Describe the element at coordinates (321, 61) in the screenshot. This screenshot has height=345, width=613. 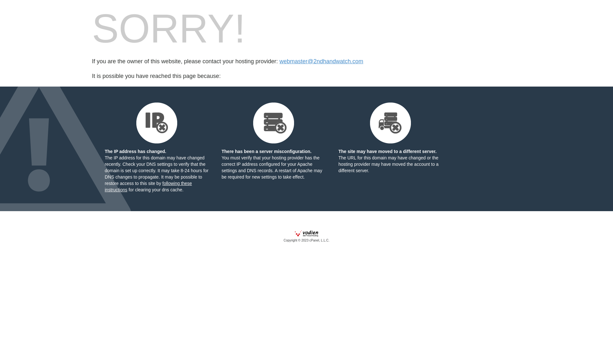
I see `'webmaster@2ndhandwatch.com'` at that location.